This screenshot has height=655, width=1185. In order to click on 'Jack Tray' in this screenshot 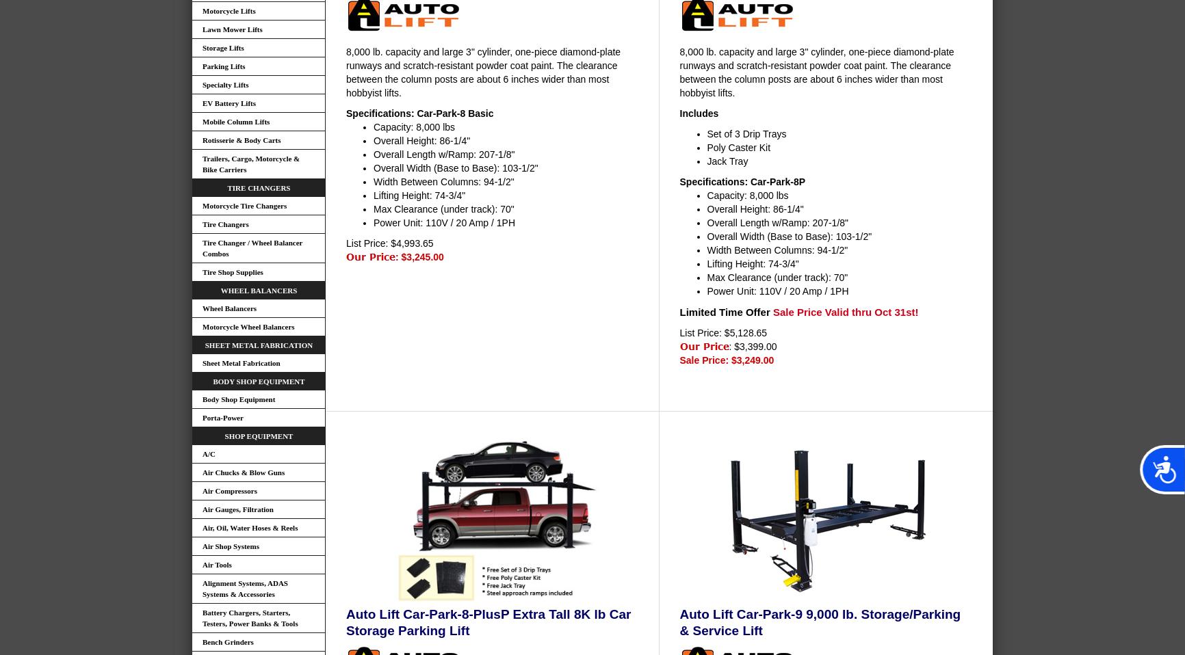, I will do `click(706, 159)`.